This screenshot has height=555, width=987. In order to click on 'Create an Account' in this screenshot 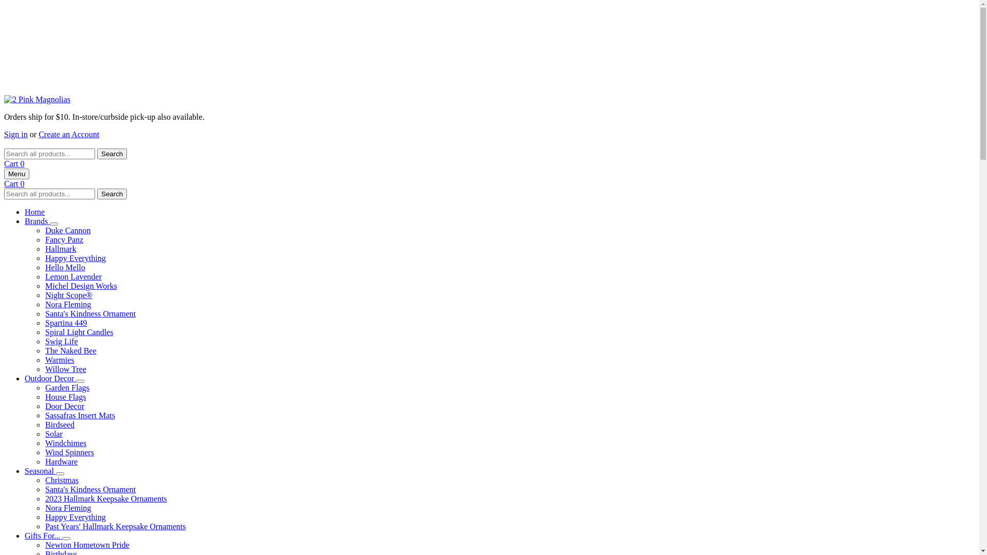, I will do `click(68, 134)`.